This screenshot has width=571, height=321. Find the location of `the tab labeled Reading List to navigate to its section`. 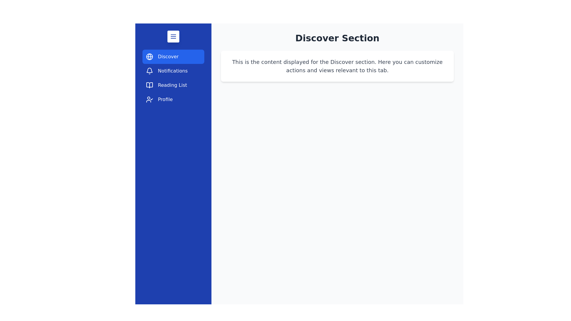

the tab labeled Reading List to navigate to its section is located at coordinates (173, 85).